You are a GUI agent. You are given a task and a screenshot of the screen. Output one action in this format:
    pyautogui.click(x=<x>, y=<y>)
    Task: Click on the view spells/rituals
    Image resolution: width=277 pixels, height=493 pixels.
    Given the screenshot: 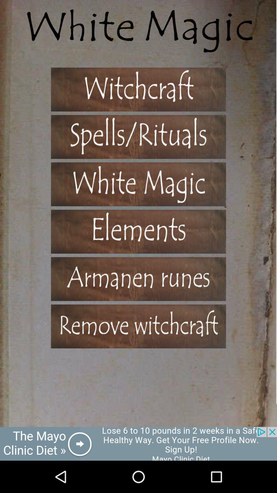 What is the action you would take?
    pyautogui.click(x=138, y=137)
    